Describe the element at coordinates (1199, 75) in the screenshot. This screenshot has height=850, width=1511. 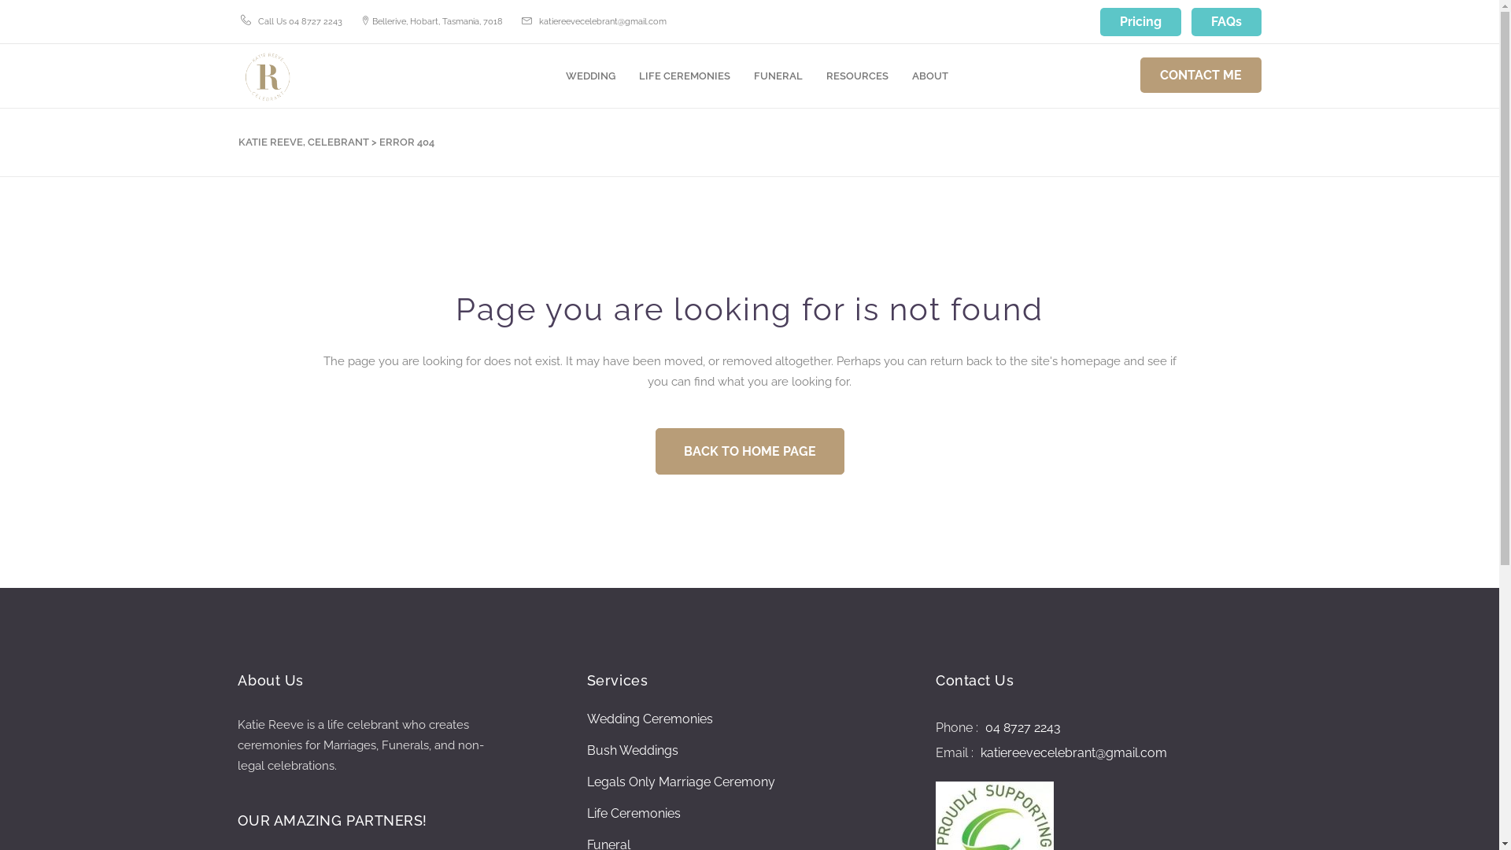
I see `'CONTACT ME'` at that location.